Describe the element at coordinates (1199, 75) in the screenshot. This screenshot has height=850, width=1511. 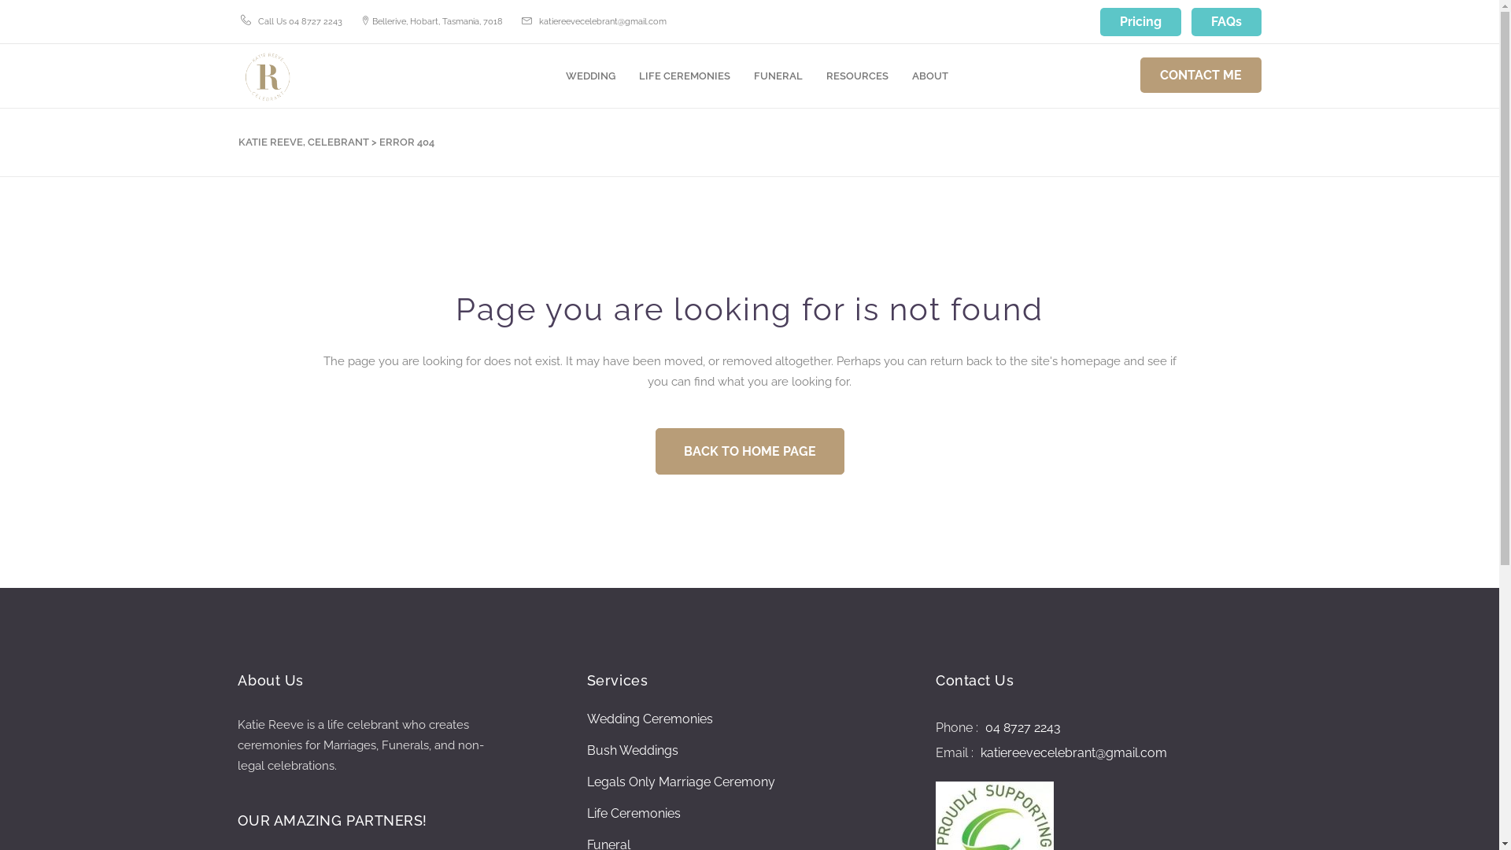
I see `'CONTACT ME'` at that location.